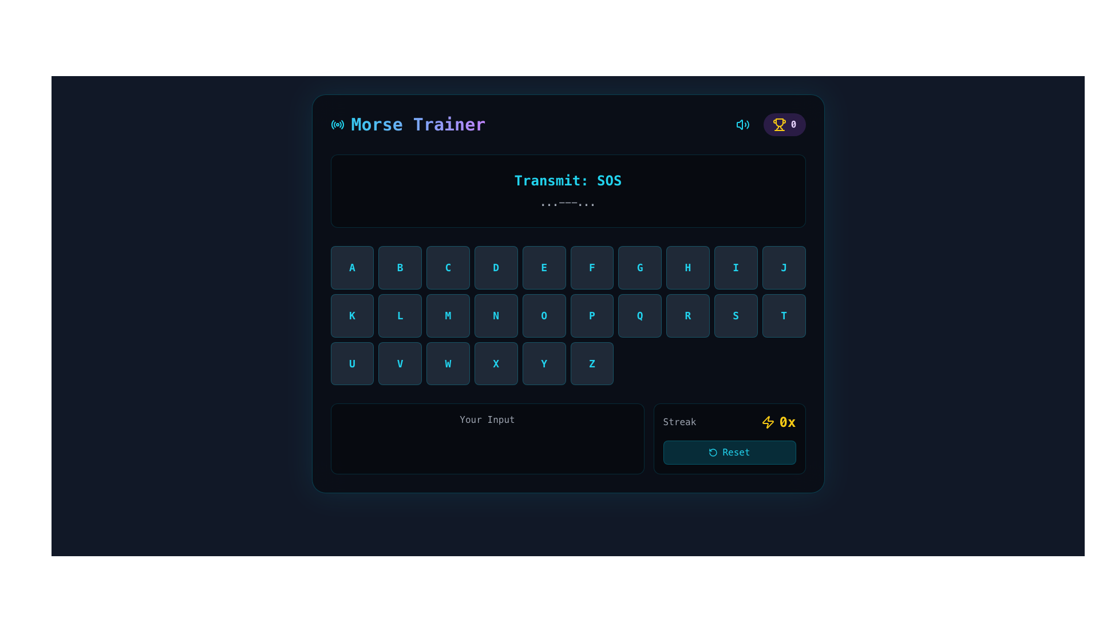 The height and width of the screenshot is (618, 1099). What do you see at coordinates (447, 267) in the screenshot?
I see `the label displaying the capital letter 'C' in cyan color, located in the third column of the first row of the grid in the Morse Trainer UI` at bounding box center [447, 267].